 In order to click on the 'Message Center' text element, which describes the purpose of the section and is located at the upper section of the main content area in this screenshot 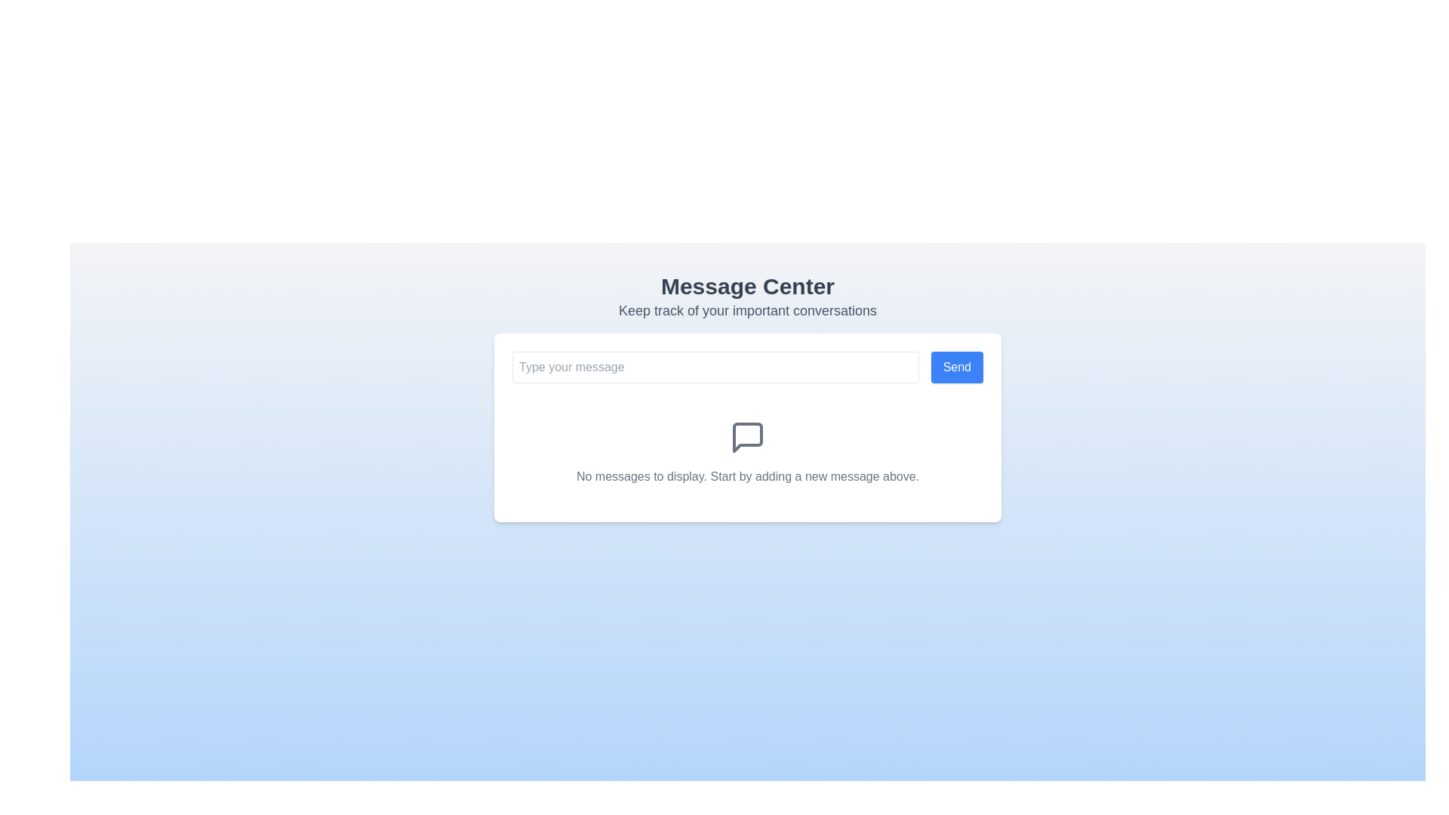, I will do `click(747, 297)`.